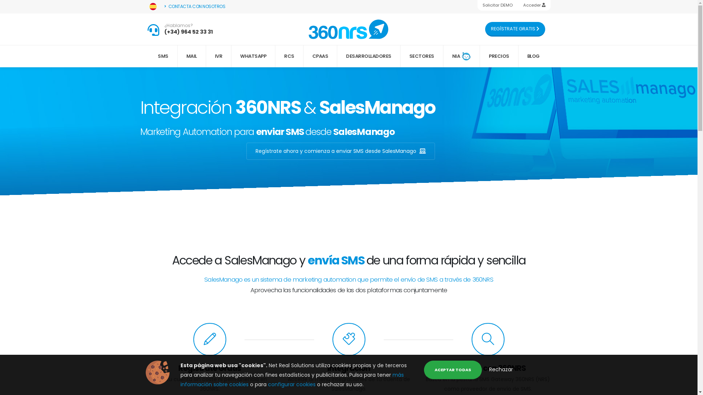 The width and height of the screenshot is (703, 395). I want to click on 'Acceder', so click(534, 5).